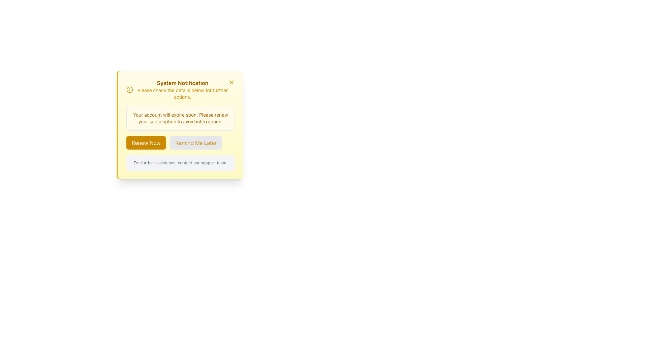 This screenshot has width=647, height=363. What do you see at coordinates (181, 163) in the screenshot?
I see `the text block with a light gray background and small gray text, located at the bottom center of the notification card, below the buttons 'Renew Now' and 'Remind Me Later'` at bounding box center [181, 163].